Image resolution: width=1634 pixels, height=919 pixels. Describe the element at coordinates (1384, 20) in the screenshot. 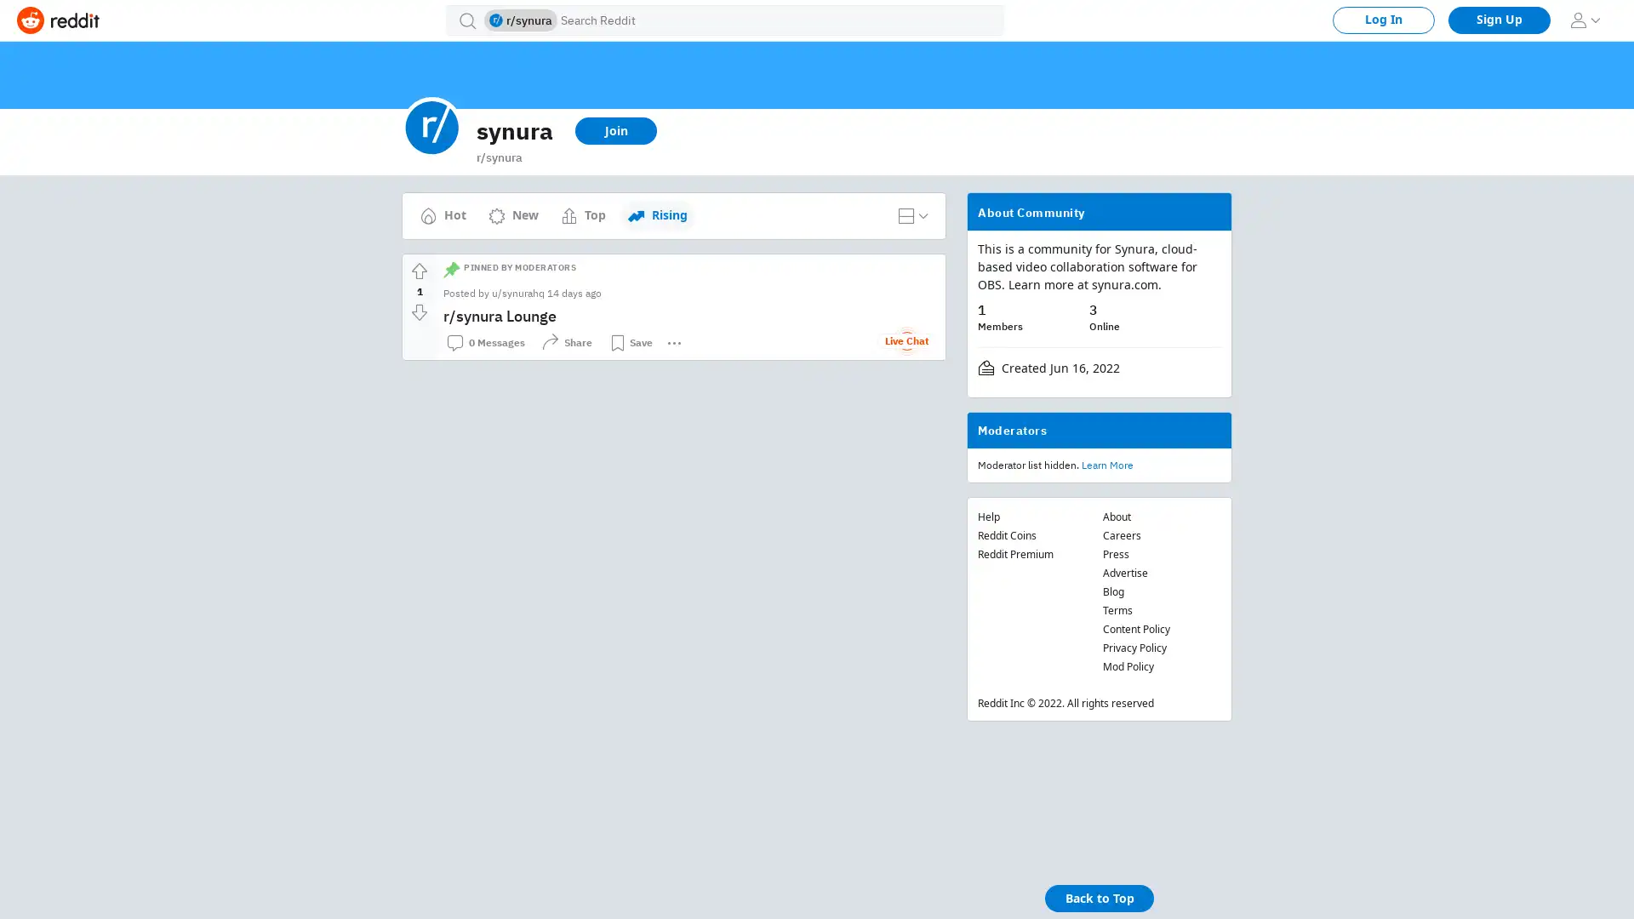

I see `Log In` at that location.